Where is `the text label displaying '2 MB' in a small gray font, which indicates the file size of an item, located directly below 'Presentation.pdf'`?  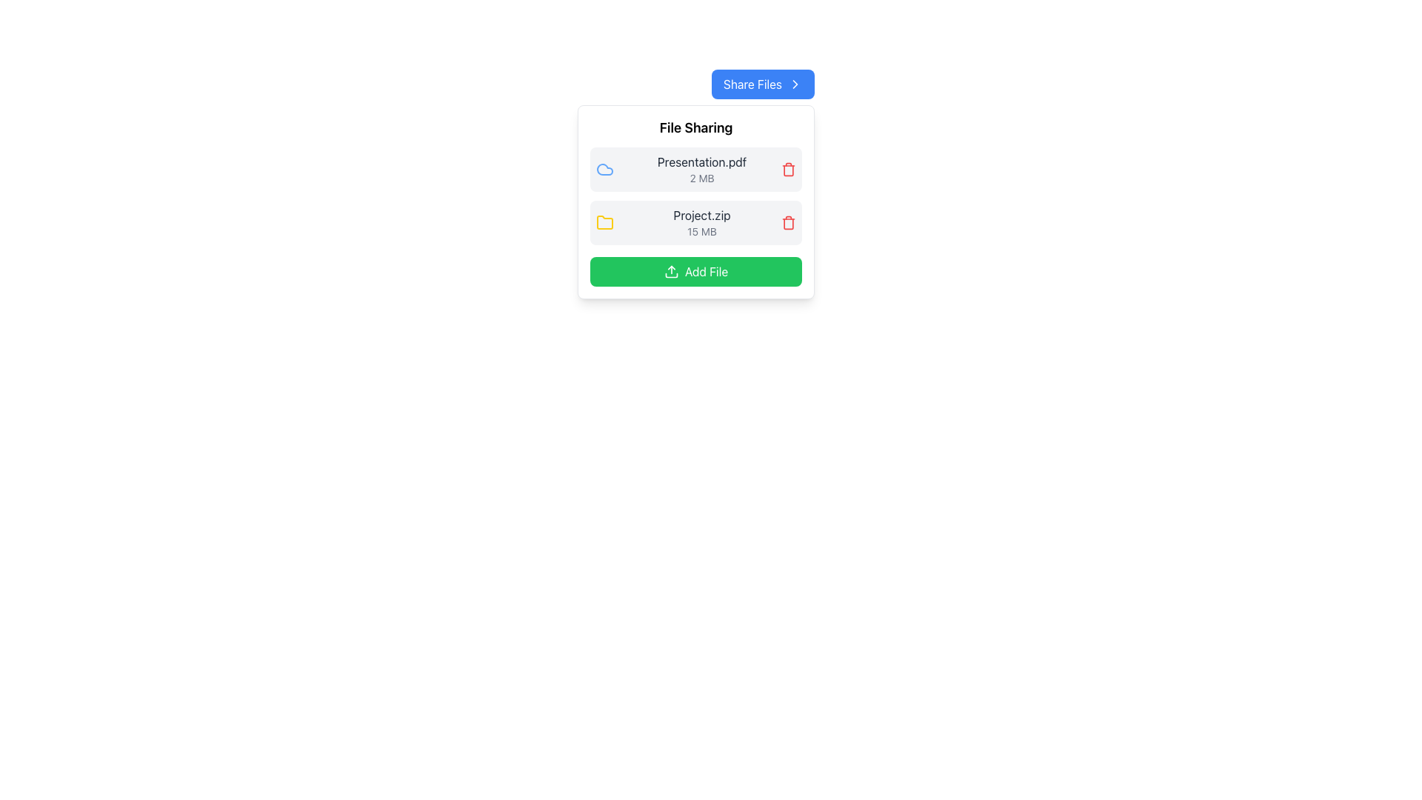 the text label displaying '2 MB' in a small gray font, which indicates the file size of an item, located directly below 'Presentation.pdf' is located at coordinates (701, 177).